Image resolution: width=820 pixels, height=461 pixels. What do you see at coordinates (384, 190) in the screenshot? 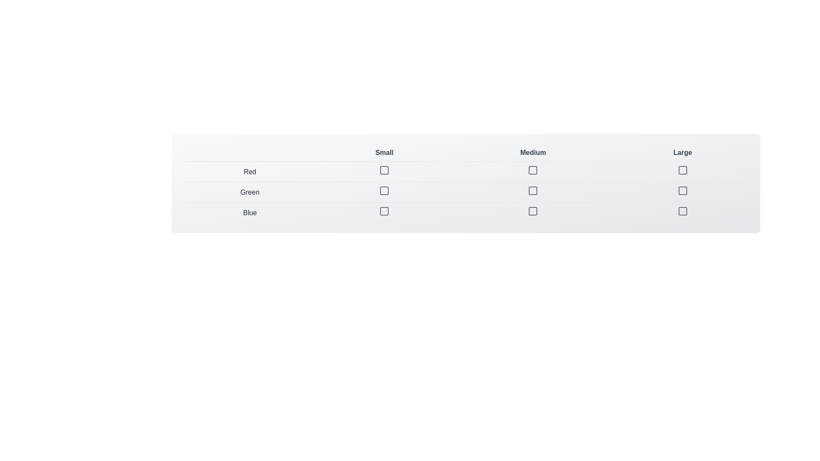
I see `the square checkbox located in the 'Small' column and 'Green' row of the table` at bounding box center [384, 190].